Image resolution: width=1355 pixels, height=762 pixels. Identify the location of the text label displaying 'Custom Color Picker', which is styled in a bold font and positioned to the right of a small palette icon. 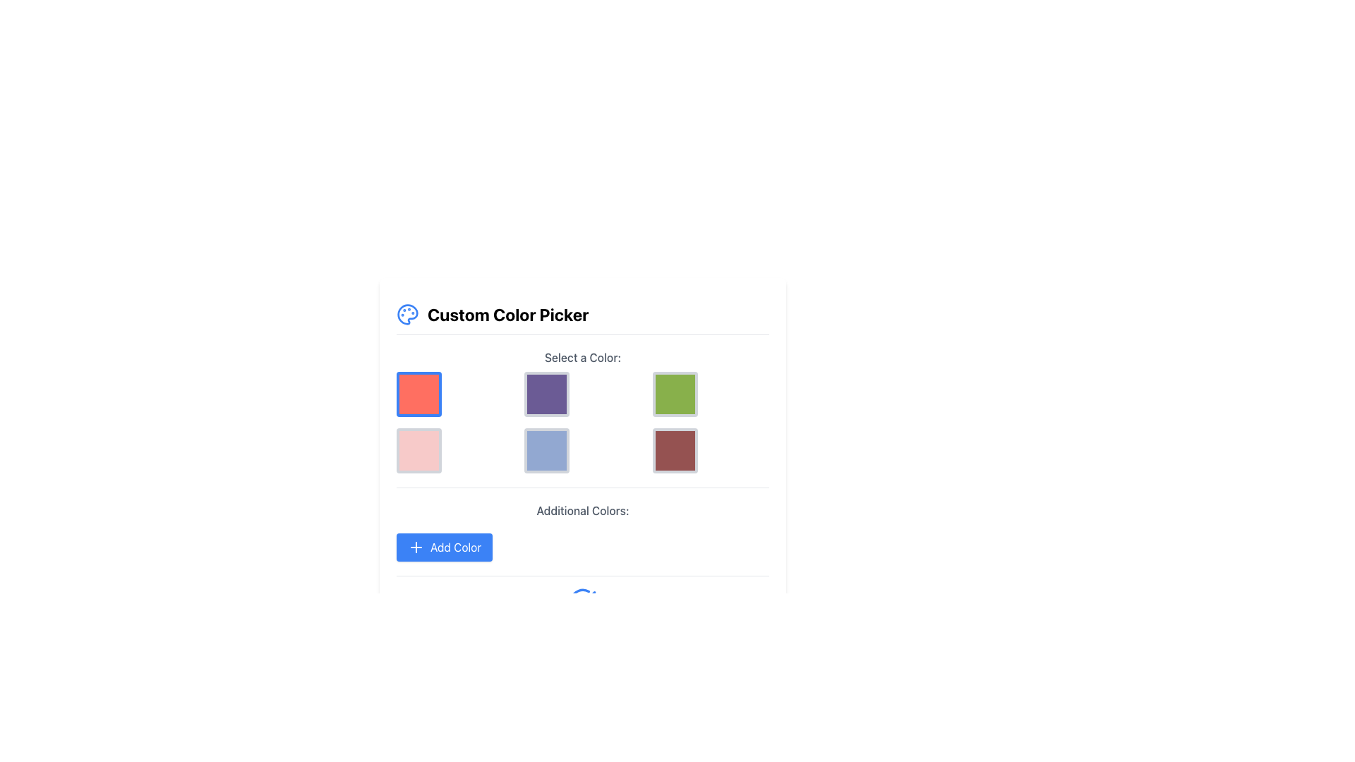
(508, 314).